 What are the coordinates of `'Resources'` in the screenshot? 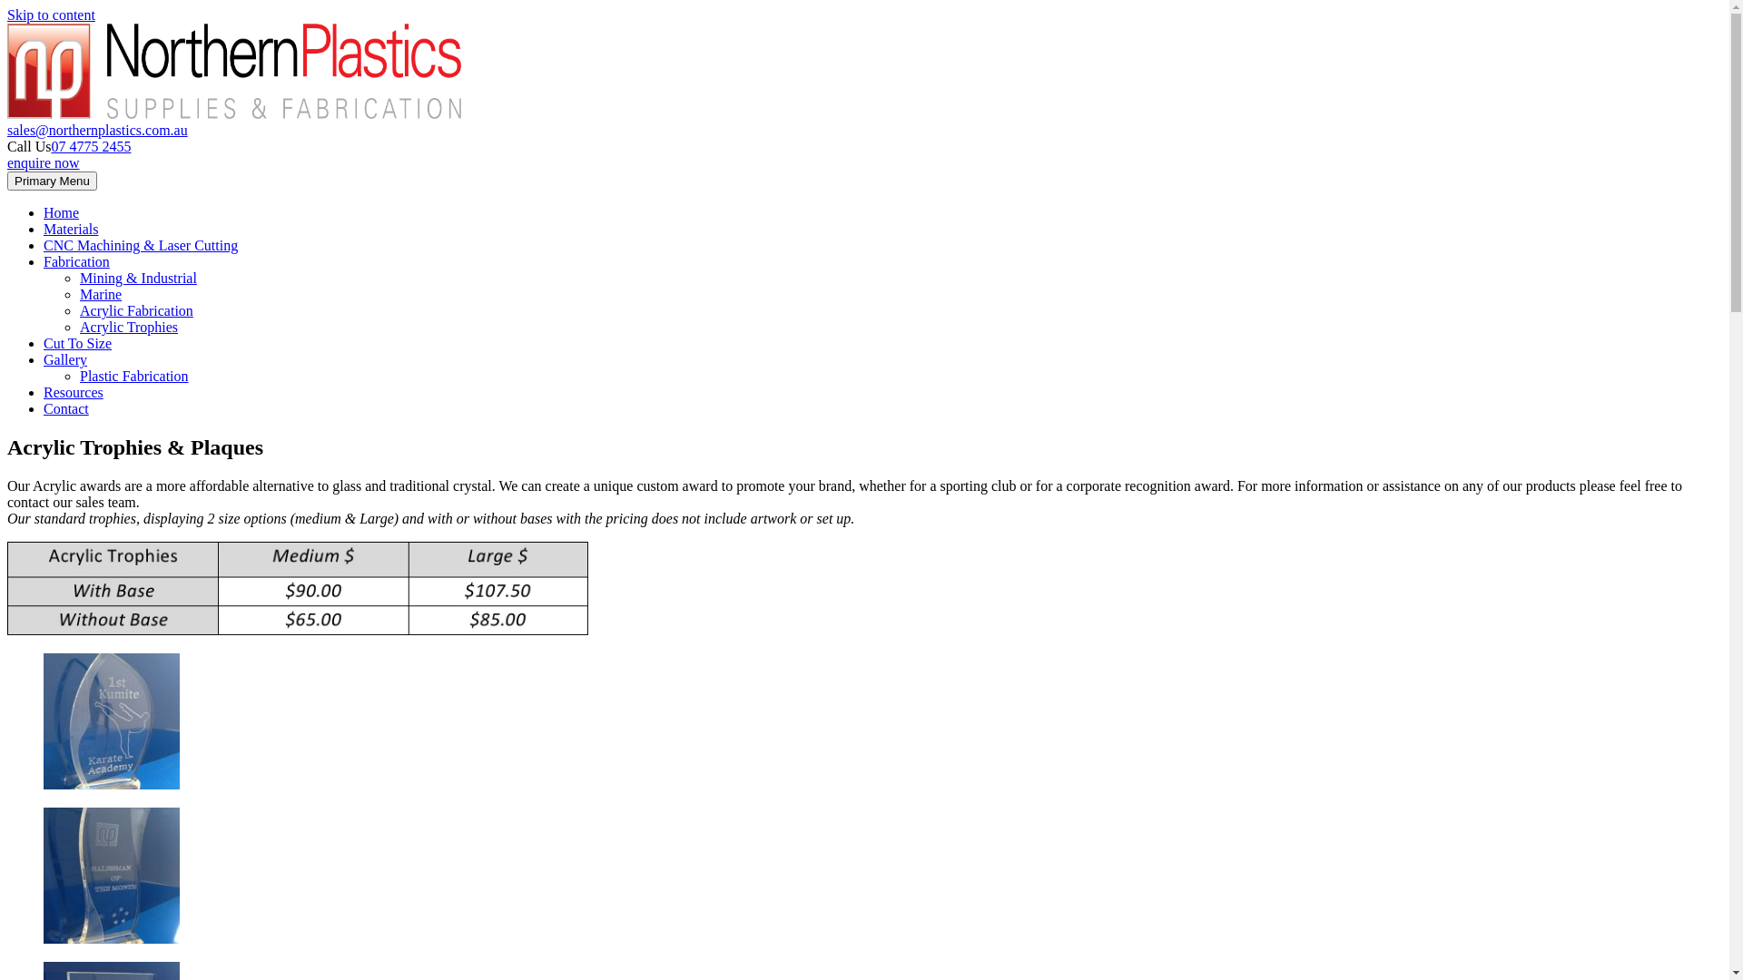 It's located at (73, 391).